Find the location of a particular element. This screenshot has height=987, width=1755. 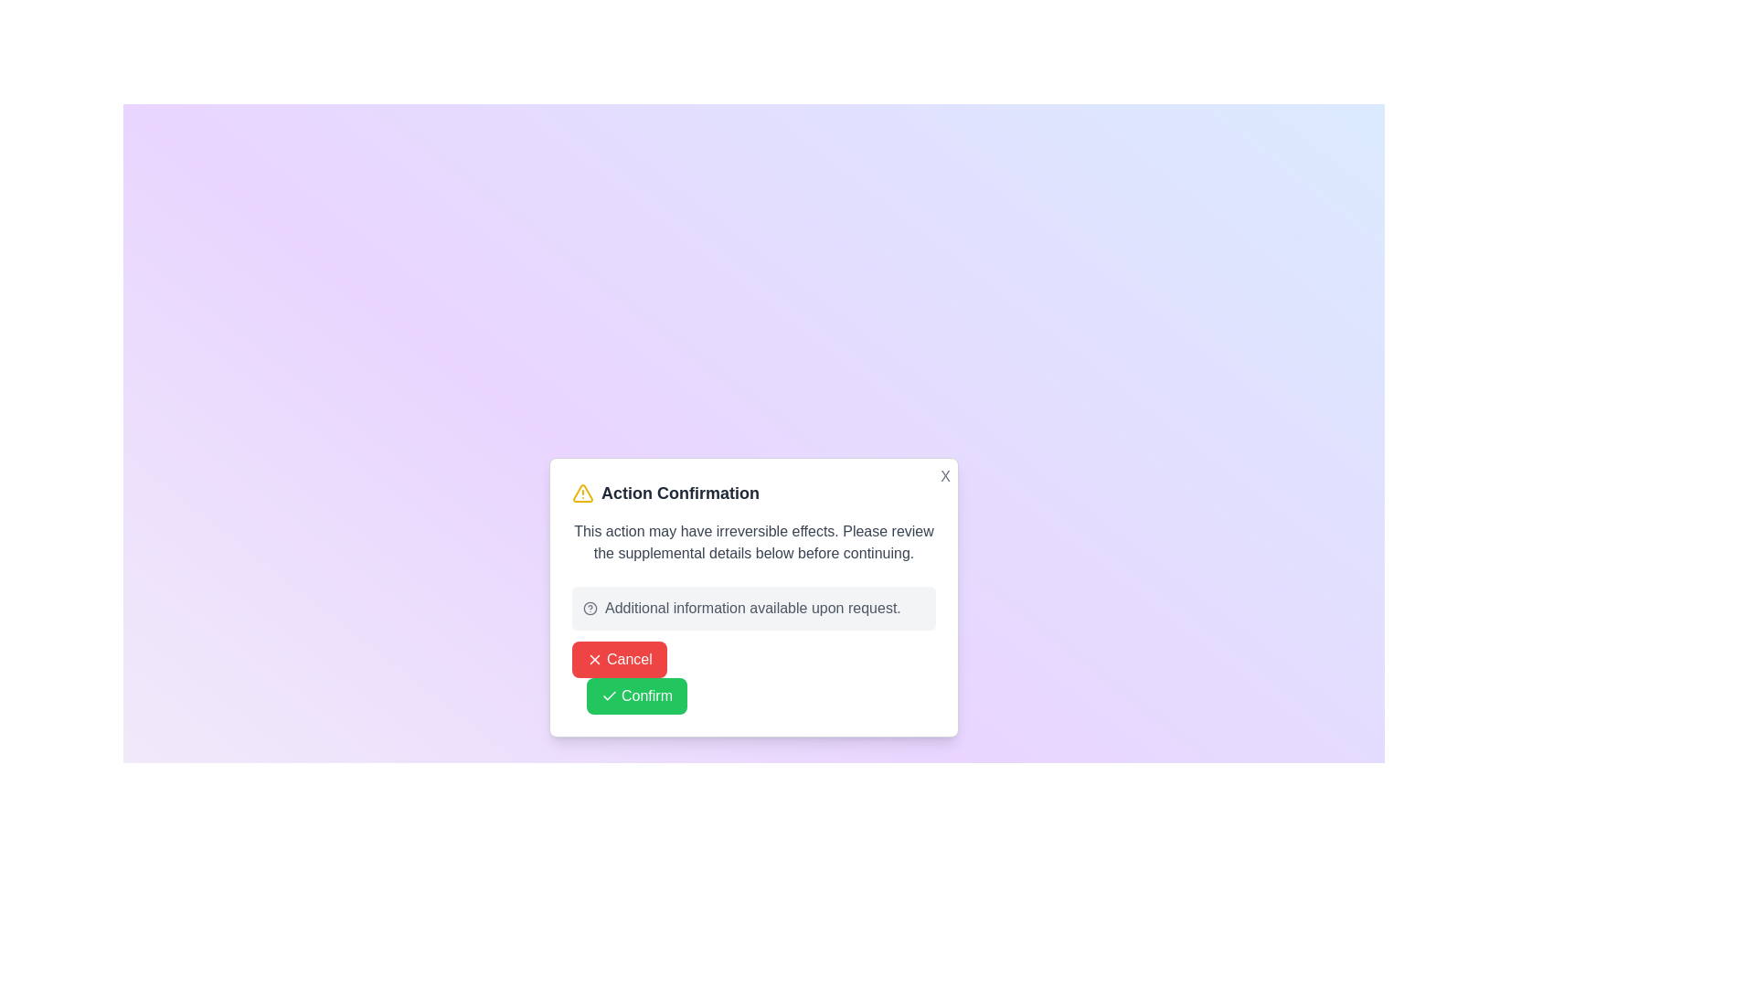

the icon located to the left of the text 'Additional information available upon request' in the confirmation dialog box is located at coordinates (590, 609).